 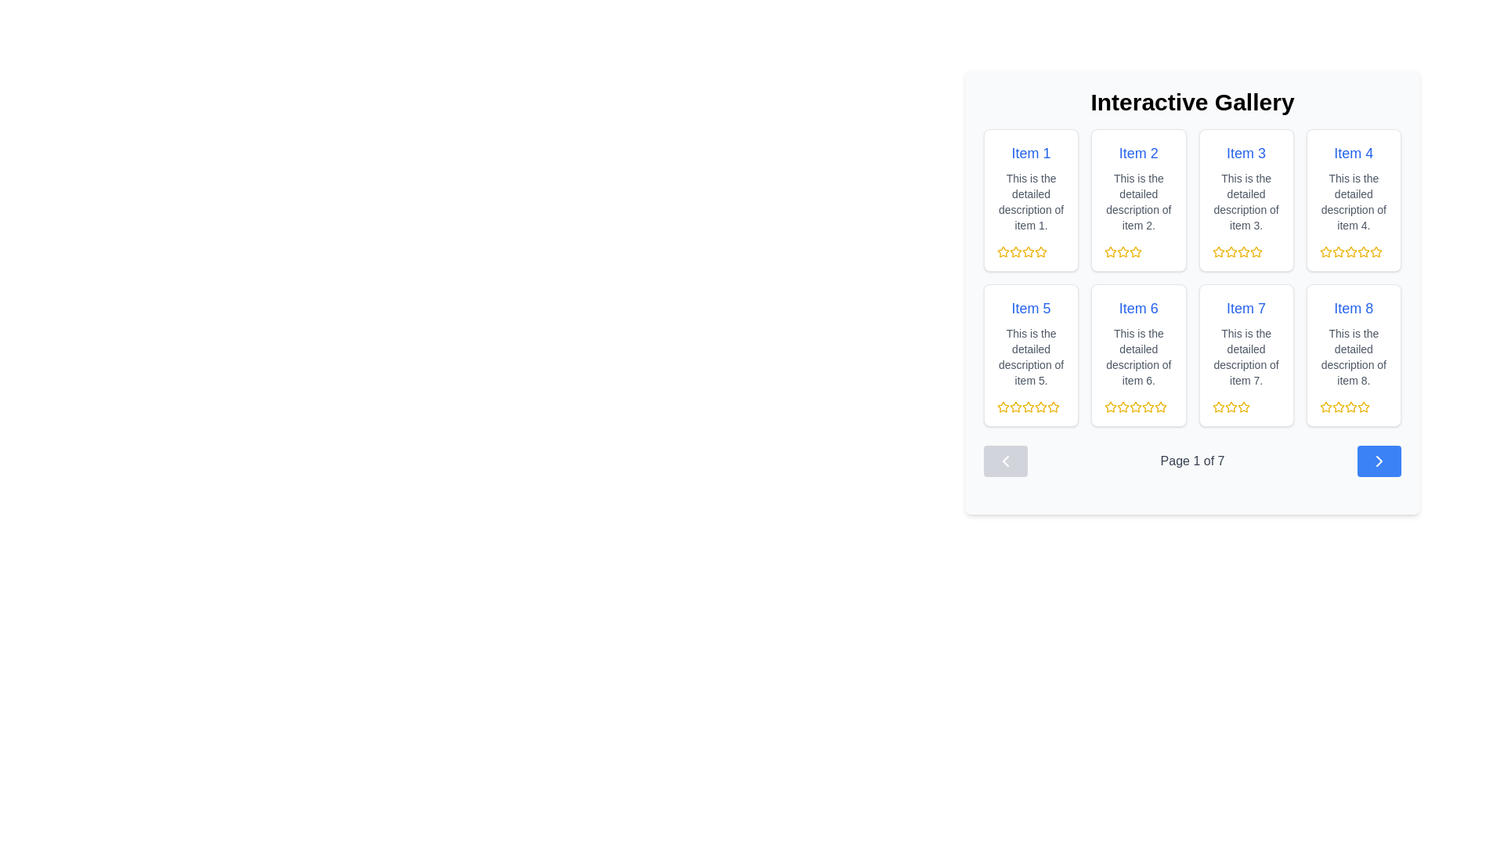 I want to click on the third star rating icon for 'Item 3', so click(x=1242, y=251).